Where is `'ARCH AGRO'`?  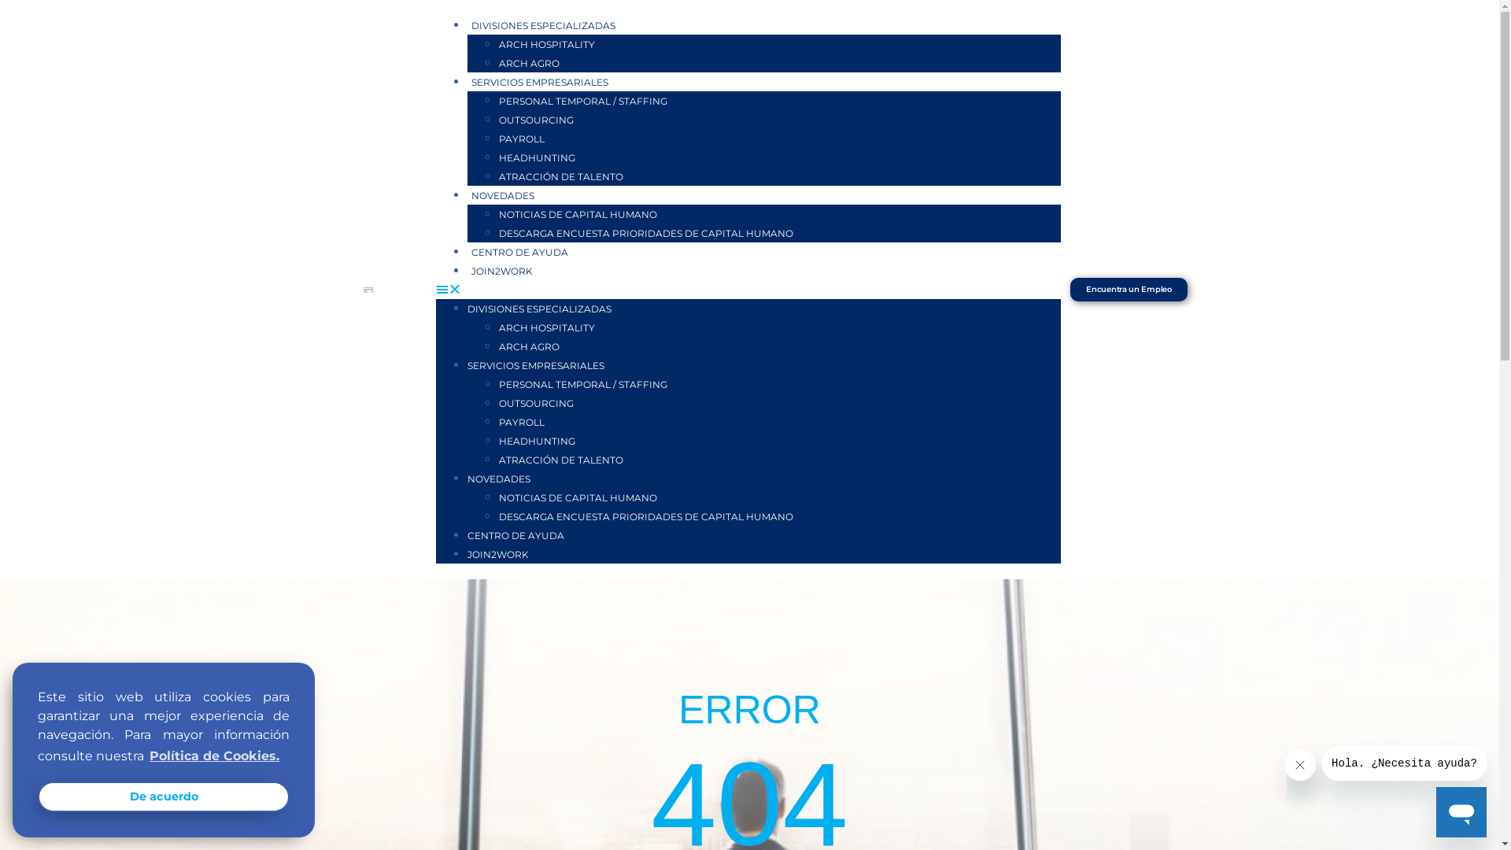
'ARCH AGRO' is located at coordinates (529, 62).